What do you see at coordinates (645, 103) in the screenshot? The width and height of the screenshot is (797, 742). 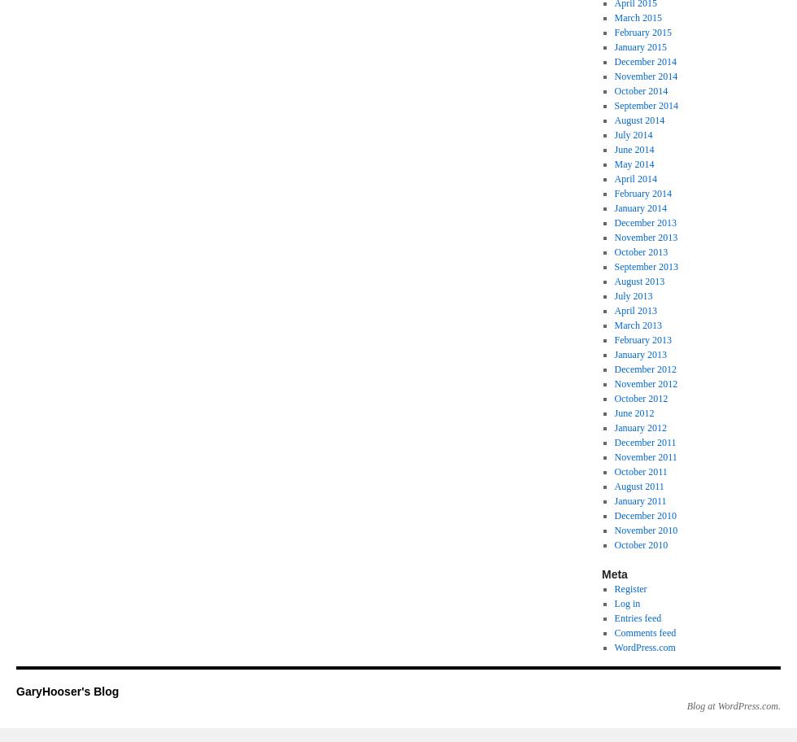 I see `'September 2014'` at bounding box center [645, 103].